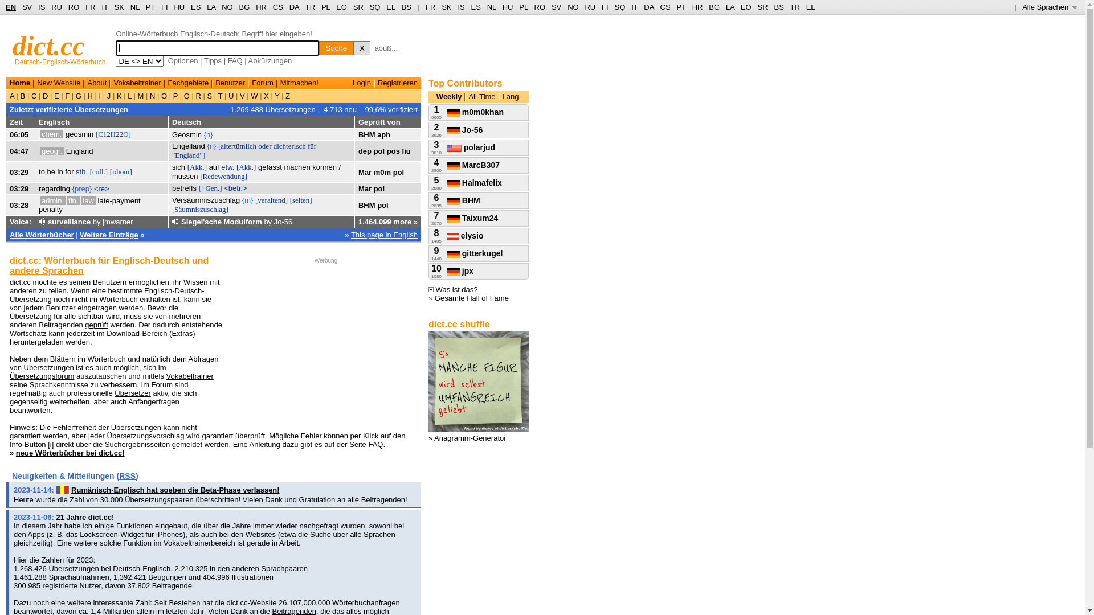 This screenshot has height=615, width=1094. I want to click on 'NO', so click(573, 7).